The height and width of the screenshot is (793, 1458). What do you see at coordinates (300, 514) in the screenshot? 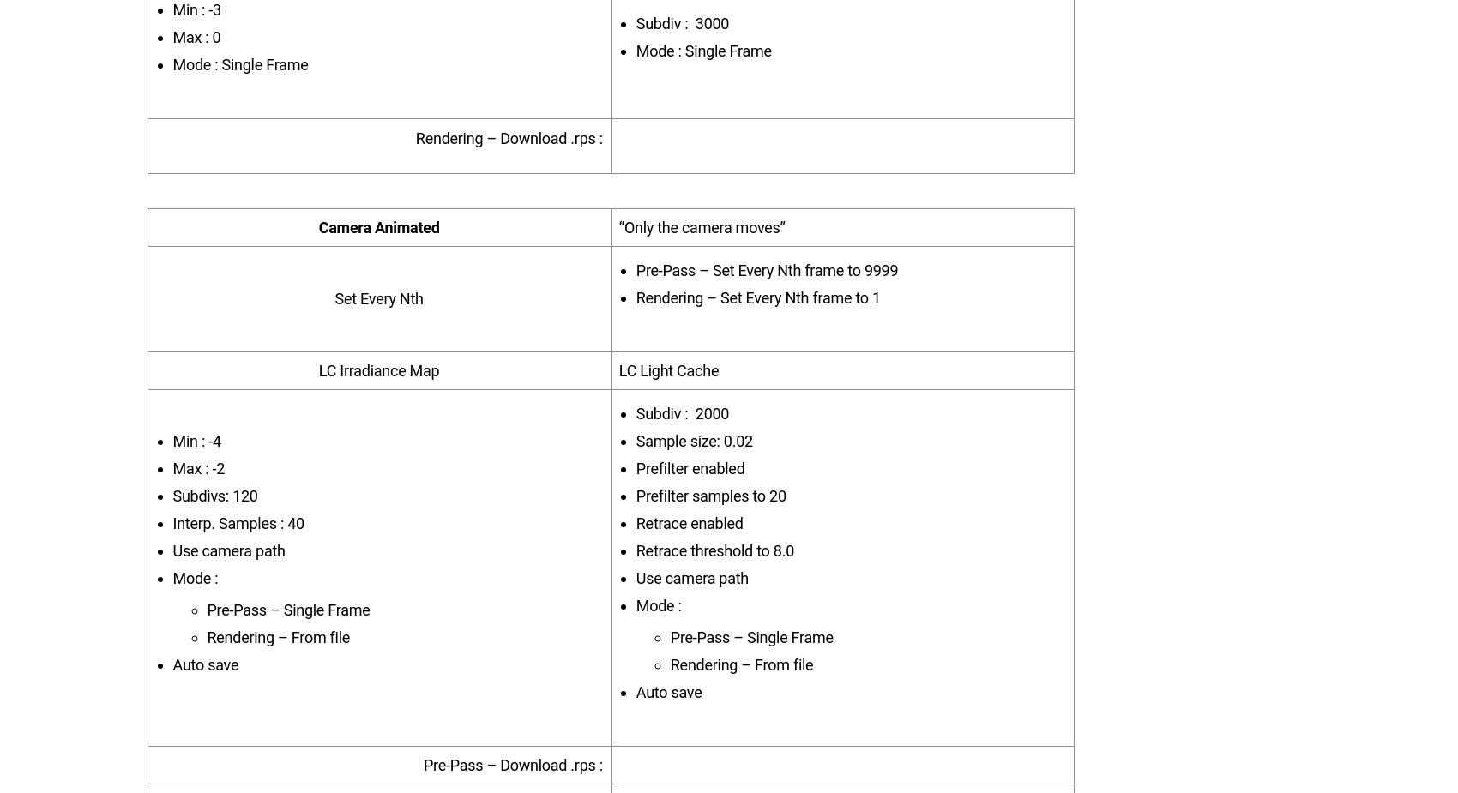
I see `'AOV_Denoiser'` at bounding box center [300, 514].